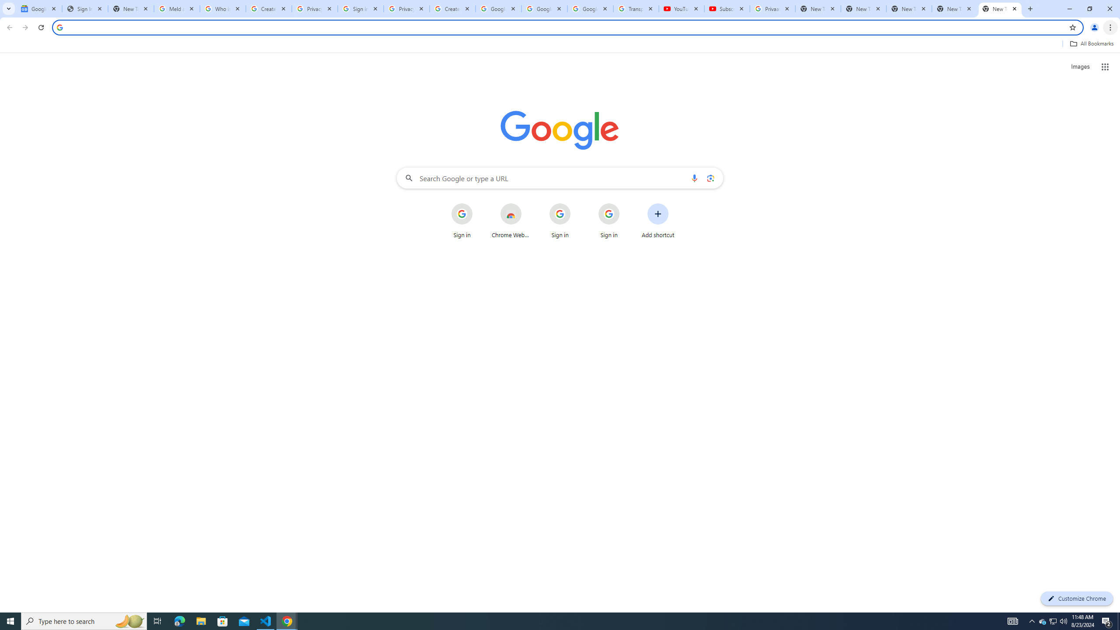  Describe the element at coordinates (223, 8) in the screenshot. I see `'Who is my administrator? - Google Account Help'` at that location.